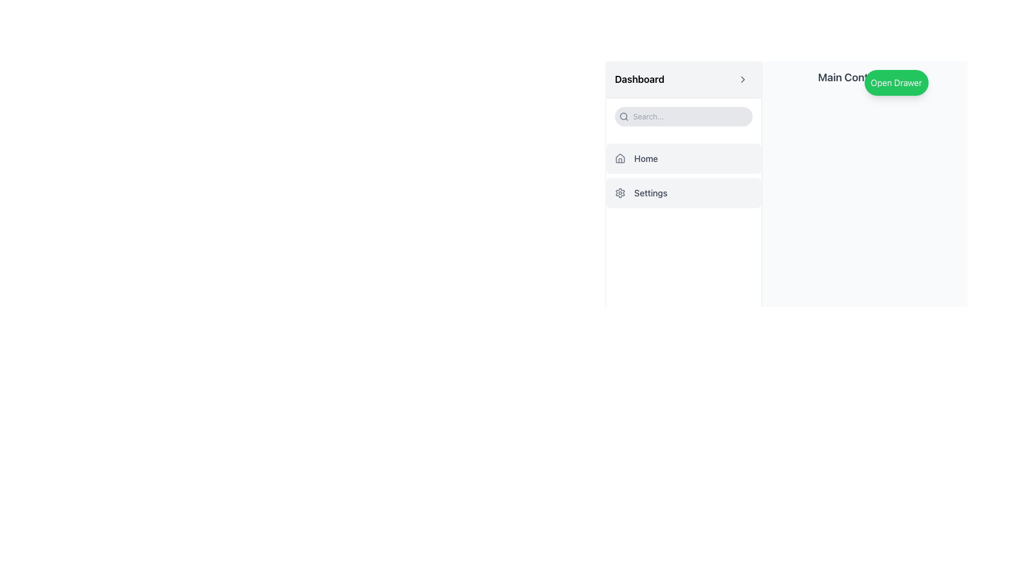  I want to click on the 'Home' Text Label in the left sidebar navigation, which serves as a visual label indicating its function within the interface, so click(646, 158).